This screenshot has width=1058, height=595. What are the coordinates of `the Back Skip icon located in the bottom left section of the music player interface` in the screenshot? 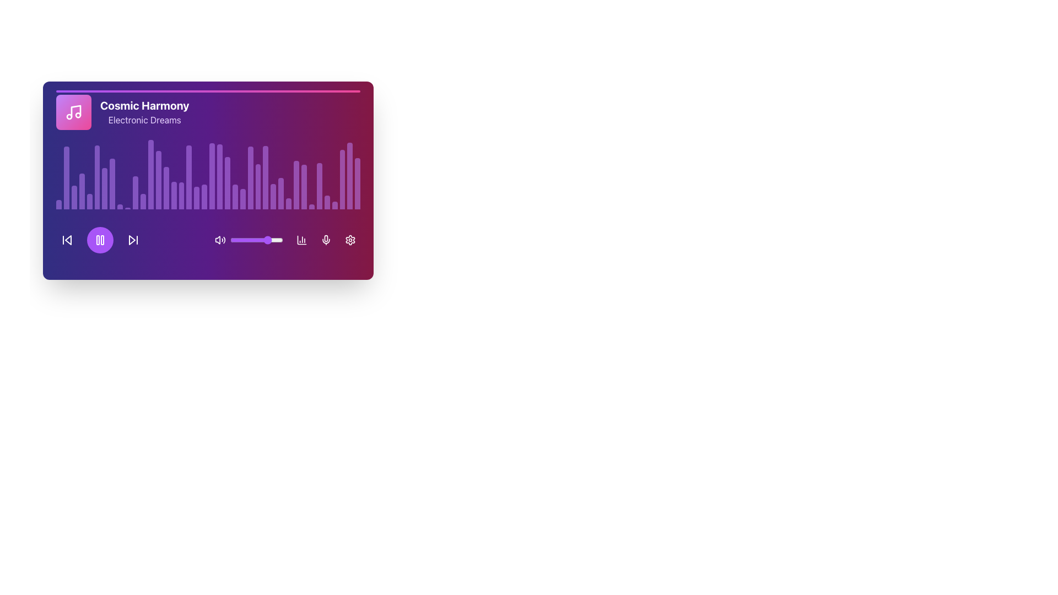 It's located at (68, 239).